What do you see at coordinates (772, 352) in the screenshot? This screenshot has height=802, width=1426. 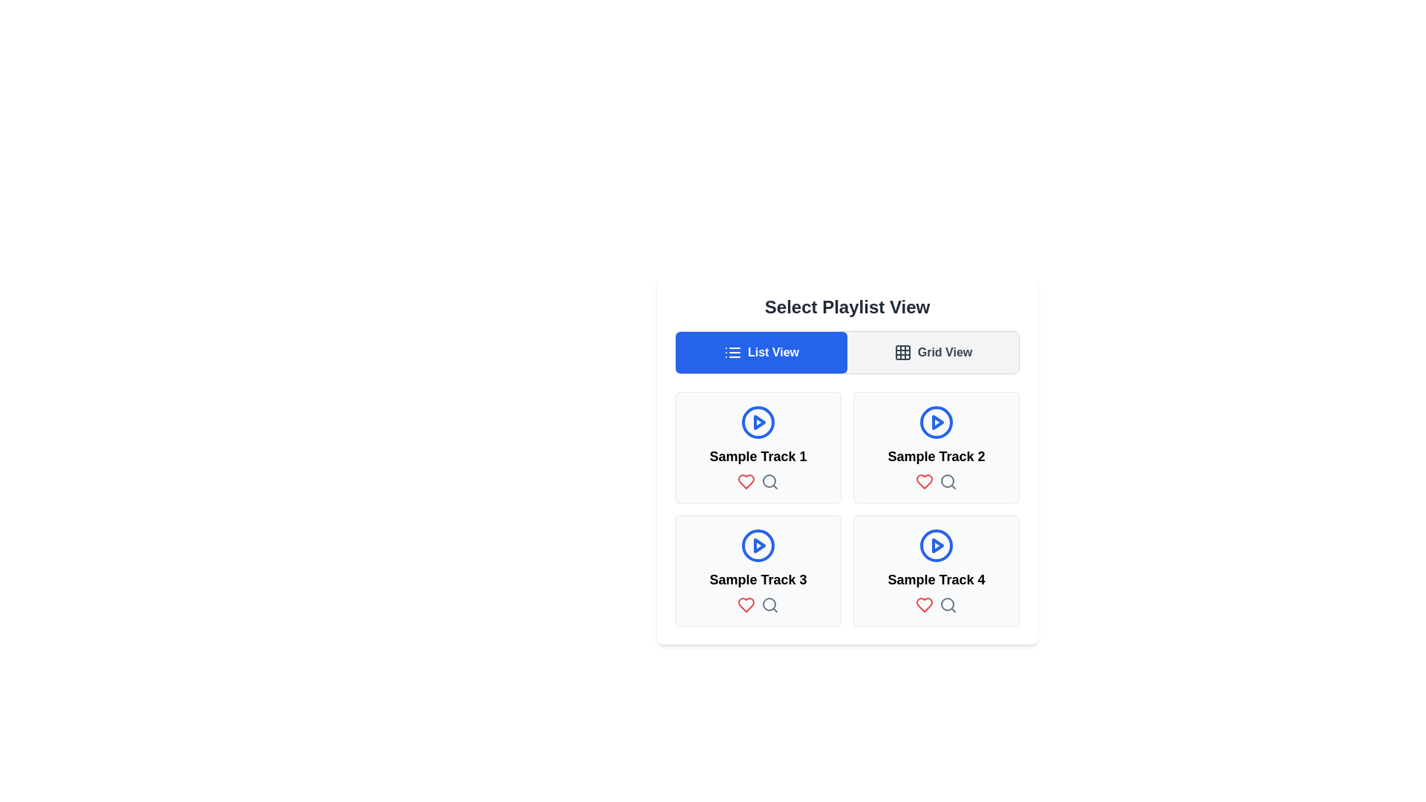 I see `'List View' text label, which indicates the currently selected state for organizing displayed items` at bounding box center [772, 352].